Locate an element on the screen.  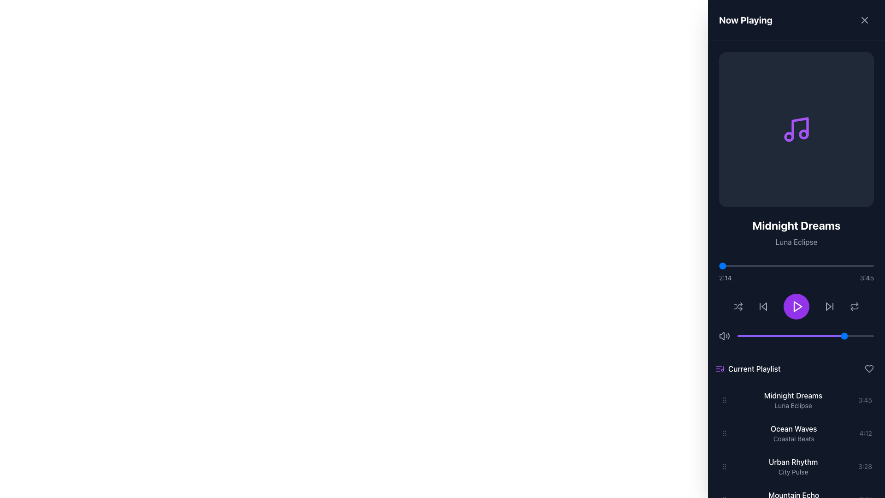
the text label displaying 'City Pulse', which is styled in gray and appears beneath 'Urban Rhythm' in the 'Current Playlist' section is located at coordinates (793, 472).